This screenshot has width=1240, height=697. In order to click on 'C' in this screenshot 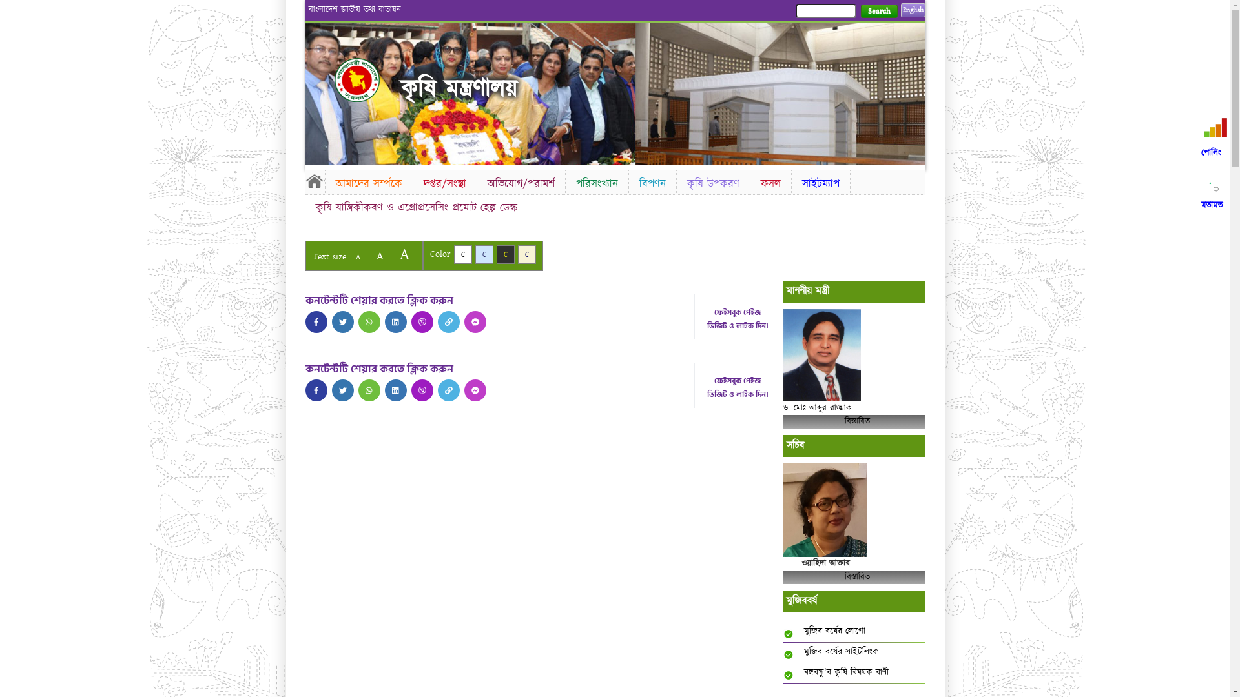, I will do `click(527, 254)`.